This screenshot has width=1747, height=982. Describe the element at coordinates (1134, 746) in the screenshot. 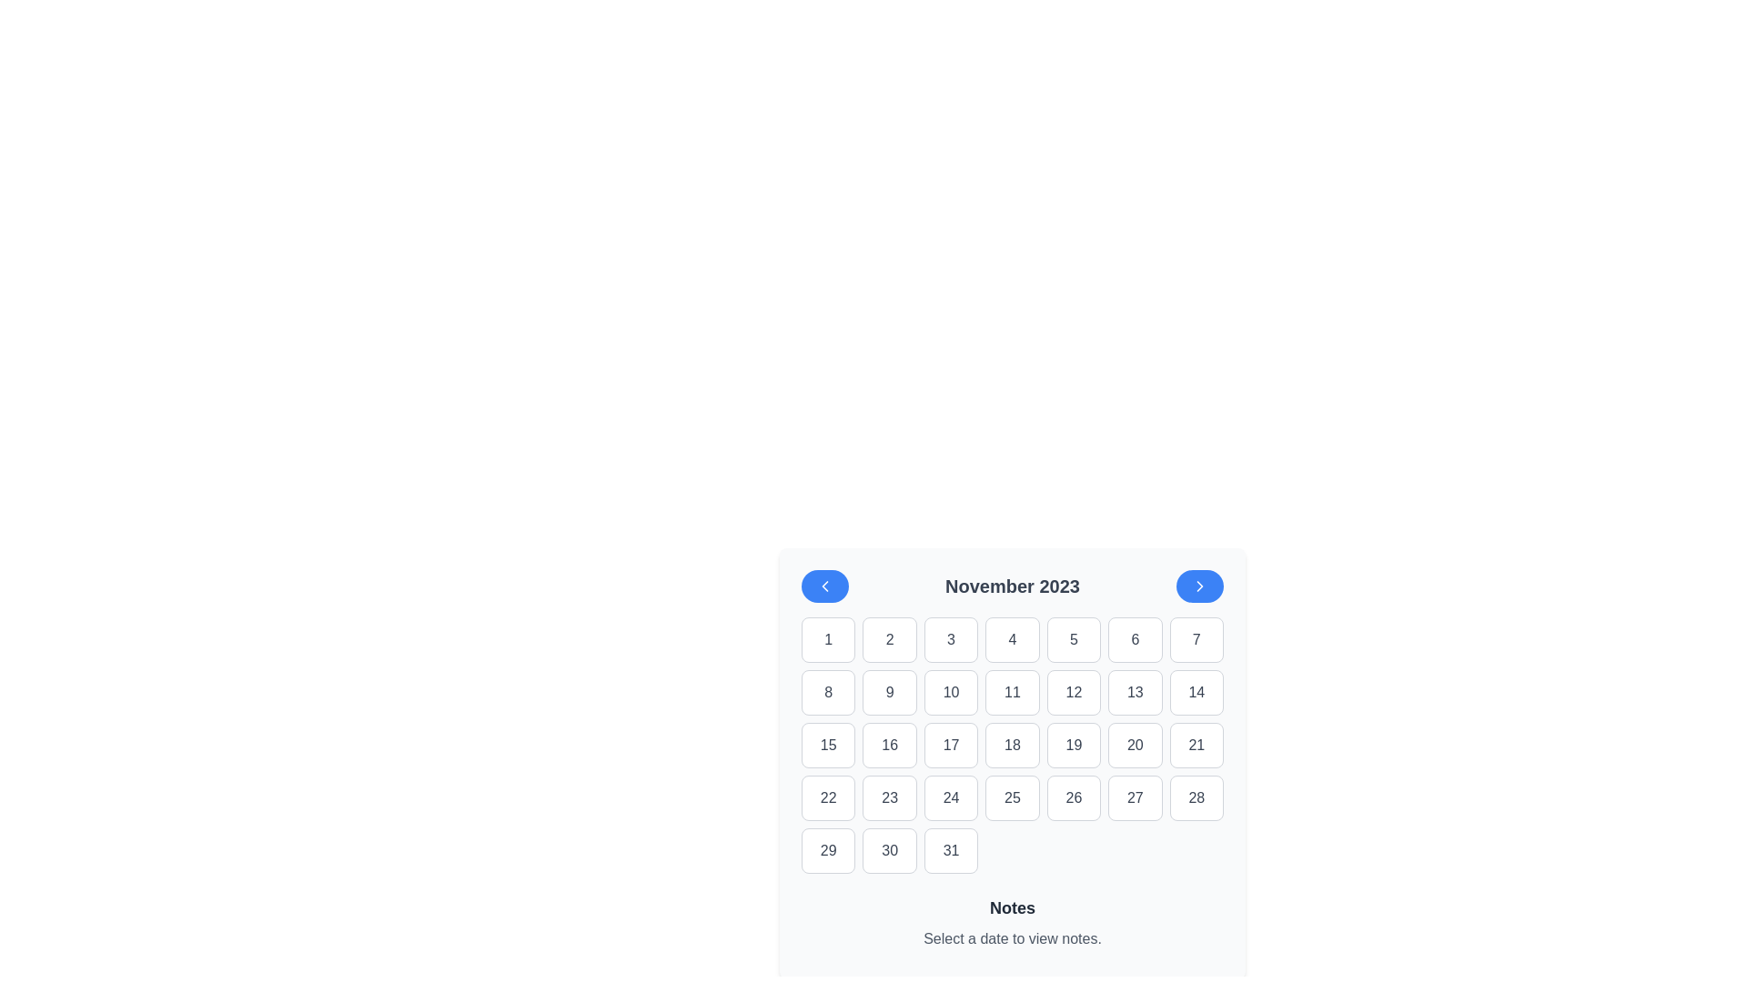

I see `the button labeled '20' with a white background and gray border, located in the third row and sixth column of the grid` at that location.